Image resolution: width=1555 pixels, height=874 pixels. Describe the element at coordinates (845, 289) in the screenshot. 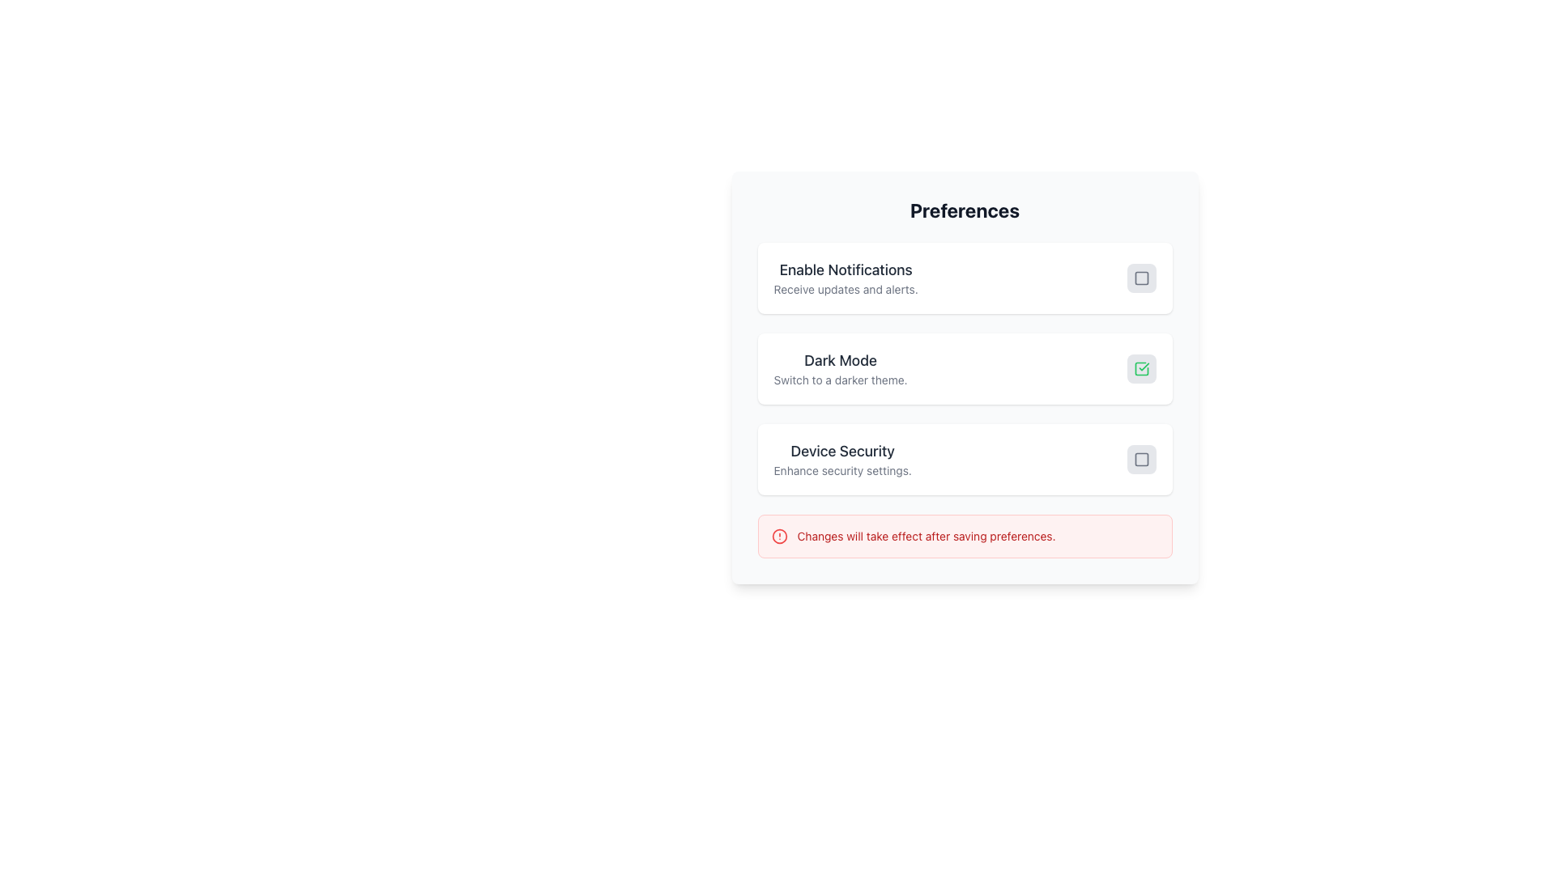

I see `the static text providing context for the 'Enable Notifications' option, located directly below the heading in the Preferences section` at that location.